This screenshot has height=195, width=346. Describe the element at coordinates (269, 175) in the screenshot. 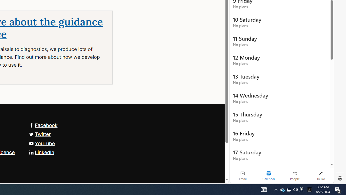

I see `'Selected calendar module. Date today is 22'` at that location.